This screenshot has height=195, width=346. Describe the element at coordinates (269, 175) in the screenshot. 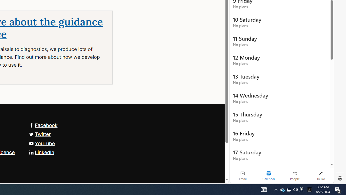

I see `'Selected calendar module. Date today is 22'` at that location.